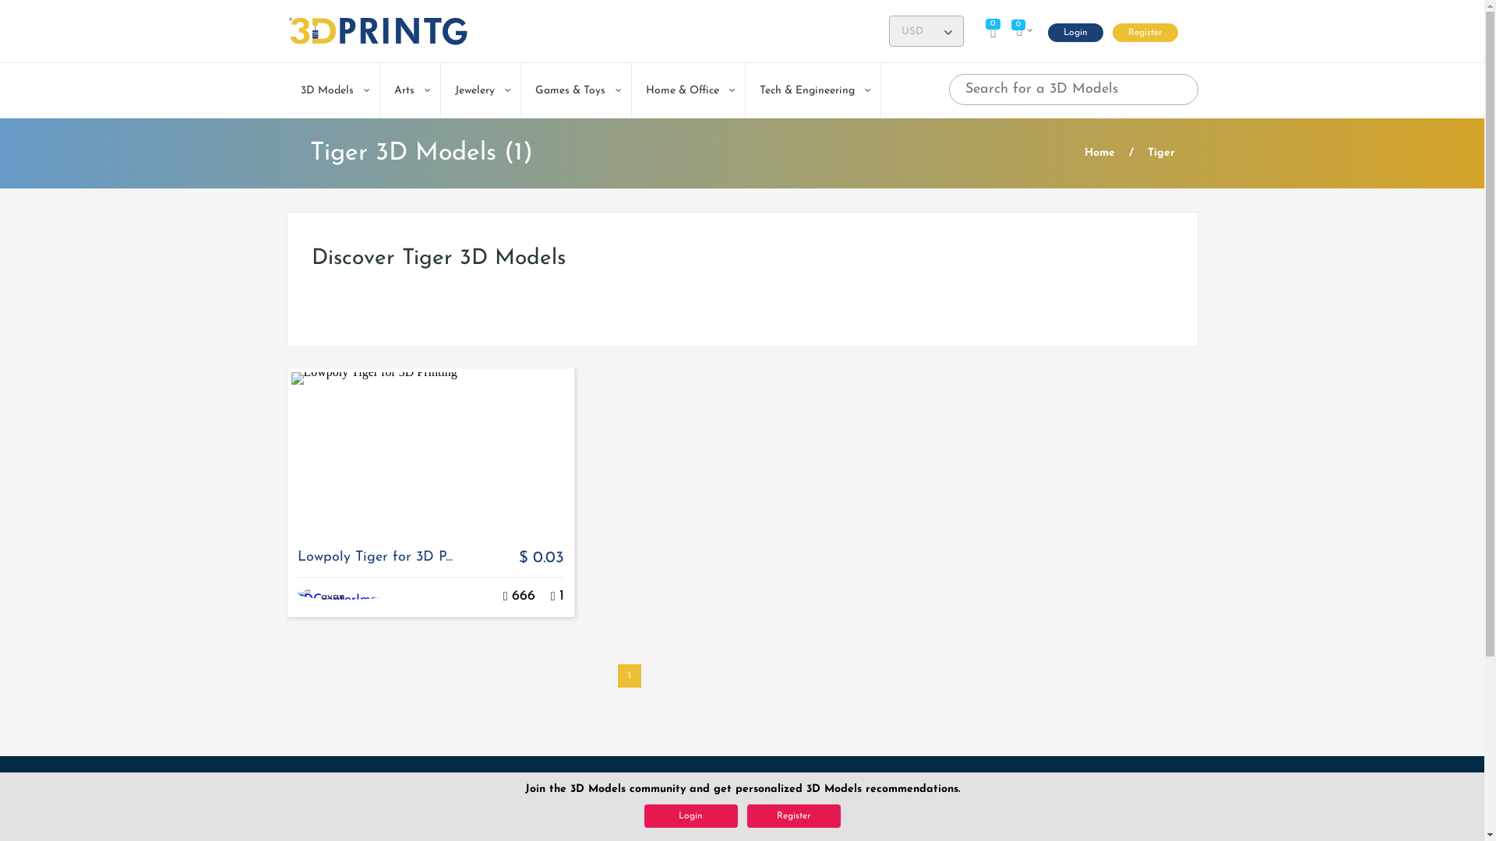 The image size is (1496, 841). Describe the element at coordinates (430, 452) in the screenshot. I see `'Lowpoly Tiger for 3D Printing'` at that location.